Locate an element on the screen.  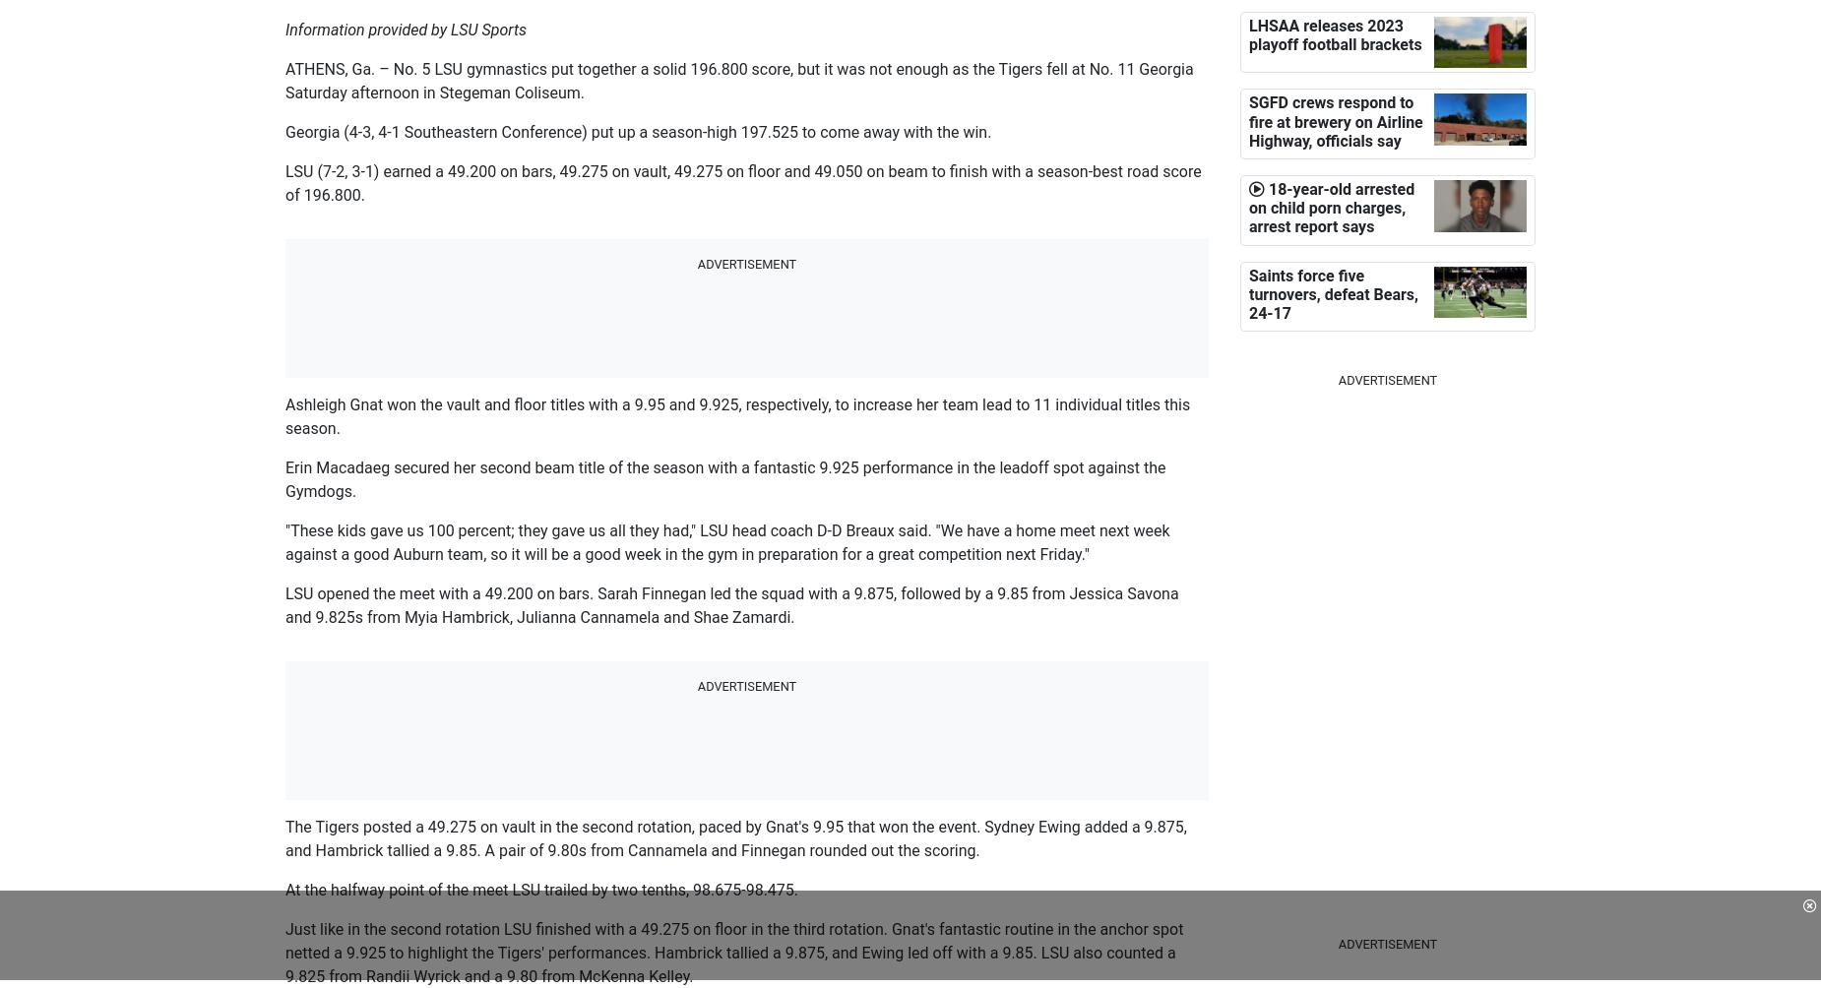
'Information provided by LSU Sports' is located at coordinates (405, 30).